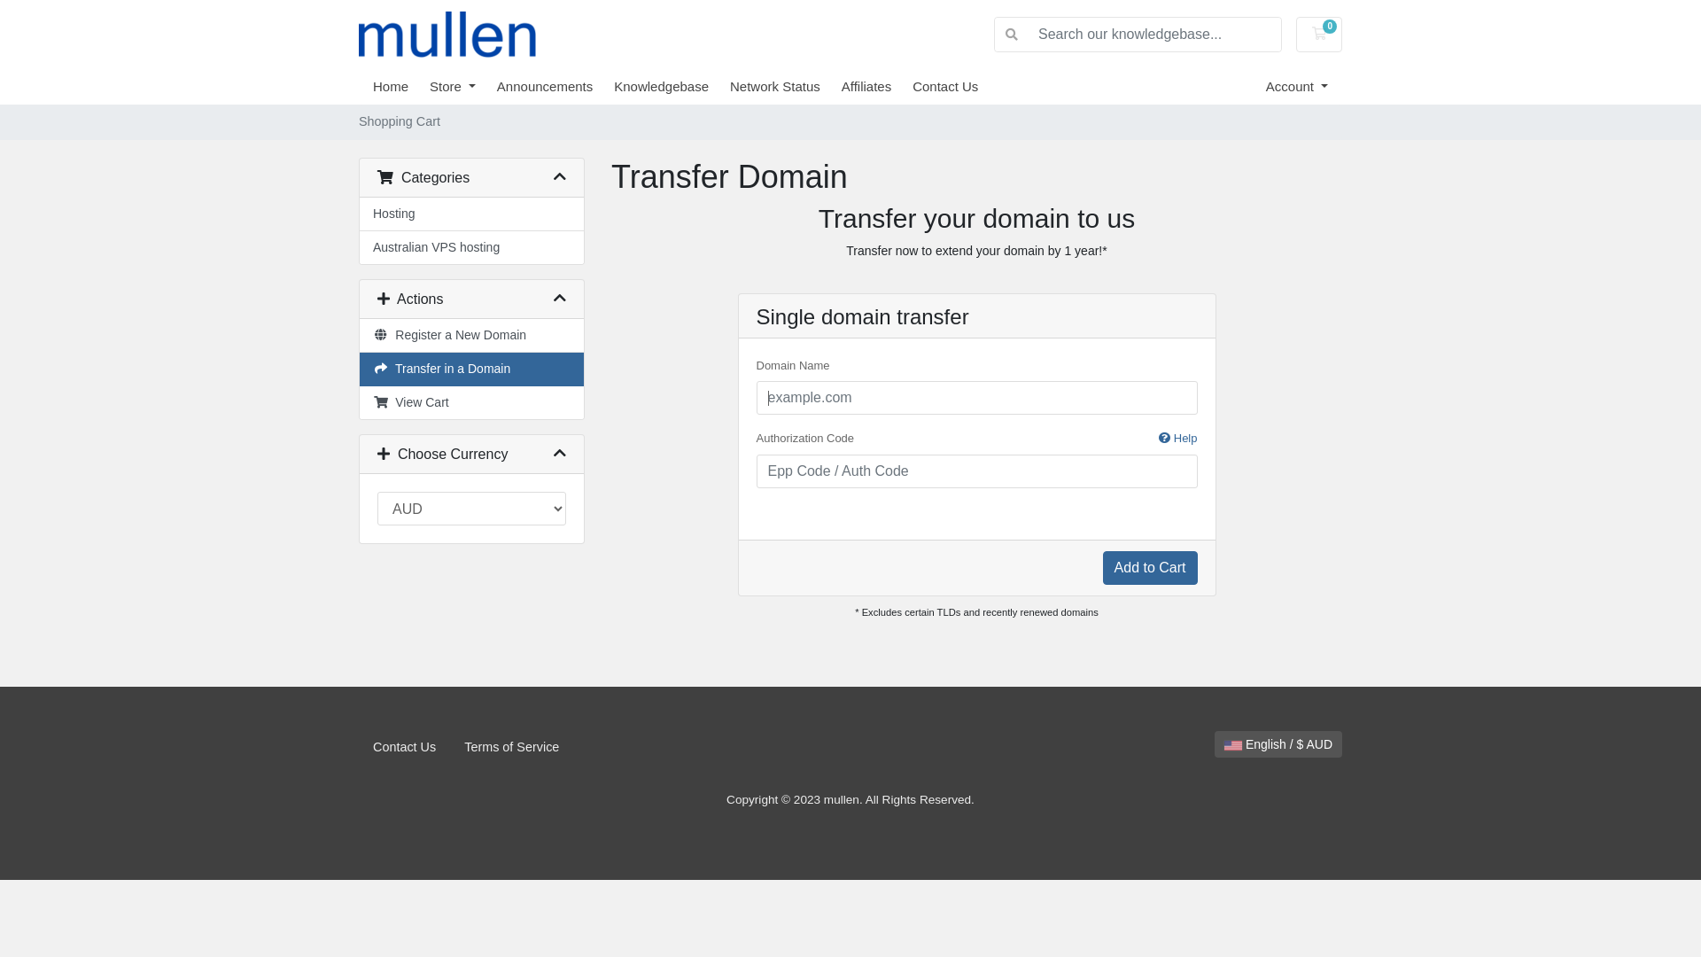 The height and width of the screenshot is (957, 1701). What do you see at coordinates (471, 247) in the screenshot?
I see `'Australian VPS hosting'` at bounding box center [471, 247].